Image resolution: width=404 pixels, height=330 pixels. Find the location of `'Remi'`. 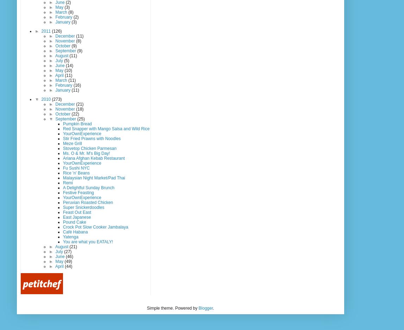

'Remi' is located at coordinates (63, 182).